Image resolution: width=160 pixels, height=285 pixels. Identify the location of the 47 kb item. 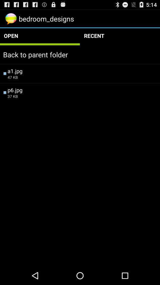
(82, 77).